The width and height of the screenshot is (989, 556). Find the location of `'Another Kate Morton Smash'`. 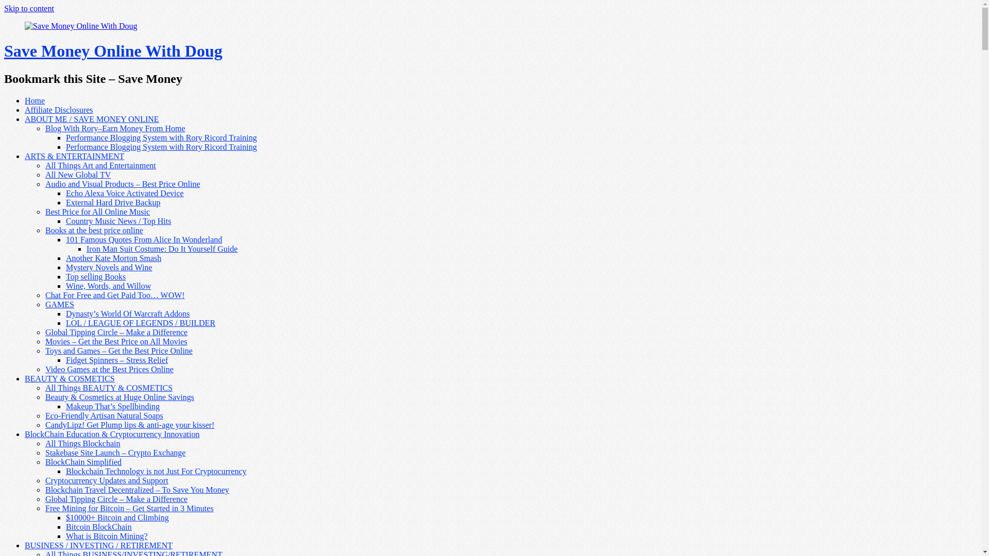

'Another Kate Morton Smash' is located at coordinates (113, 257).